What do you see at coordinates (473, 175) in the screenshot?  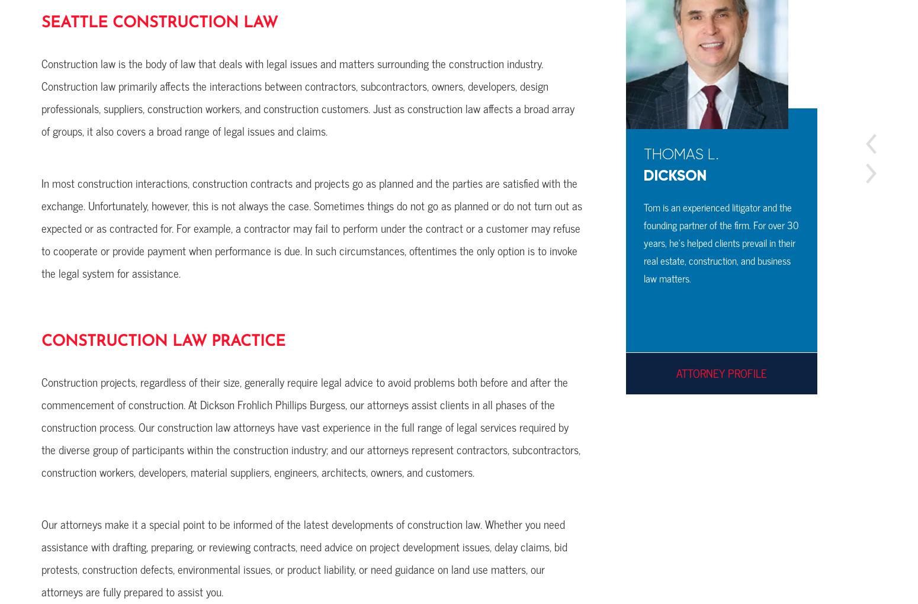 I see `'Wand'` at bounding box center [473, 175].